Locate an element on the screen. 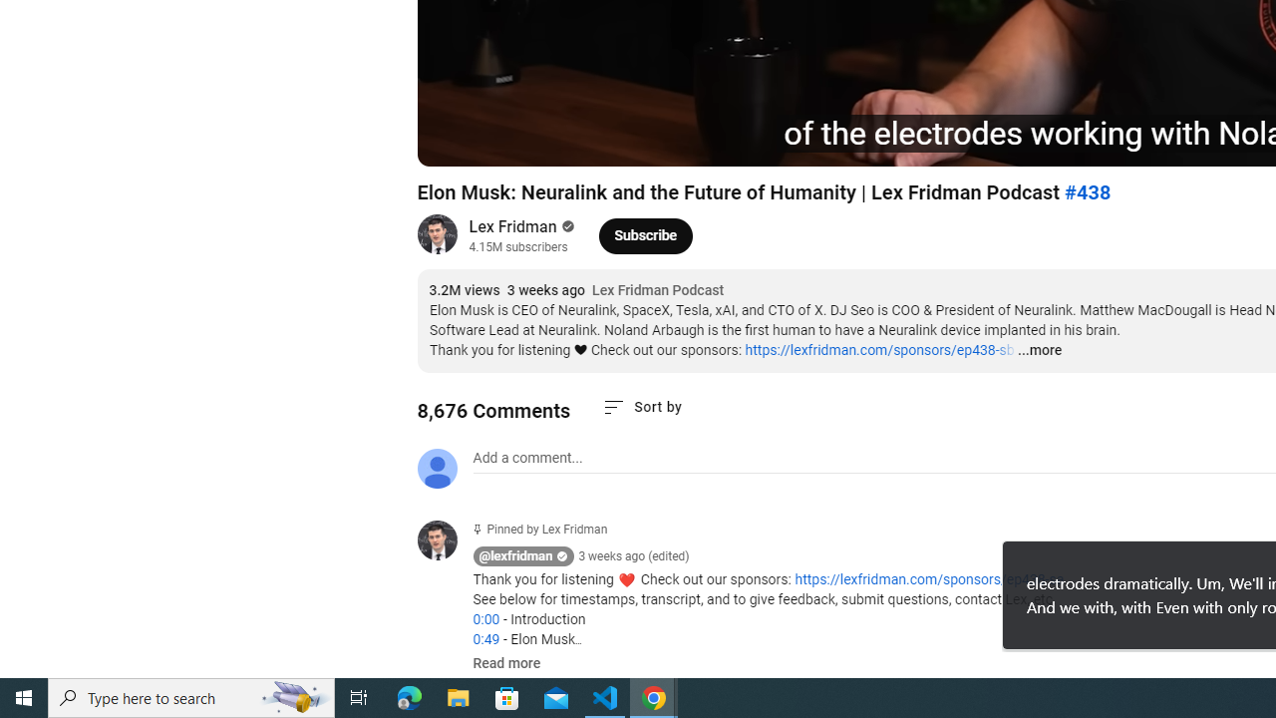 Image resolution: width=1276 pixels, height=718 pixels. 'https://lexfridman.com/sponsors/ep438-sb' is located at coordinates (878, 349).